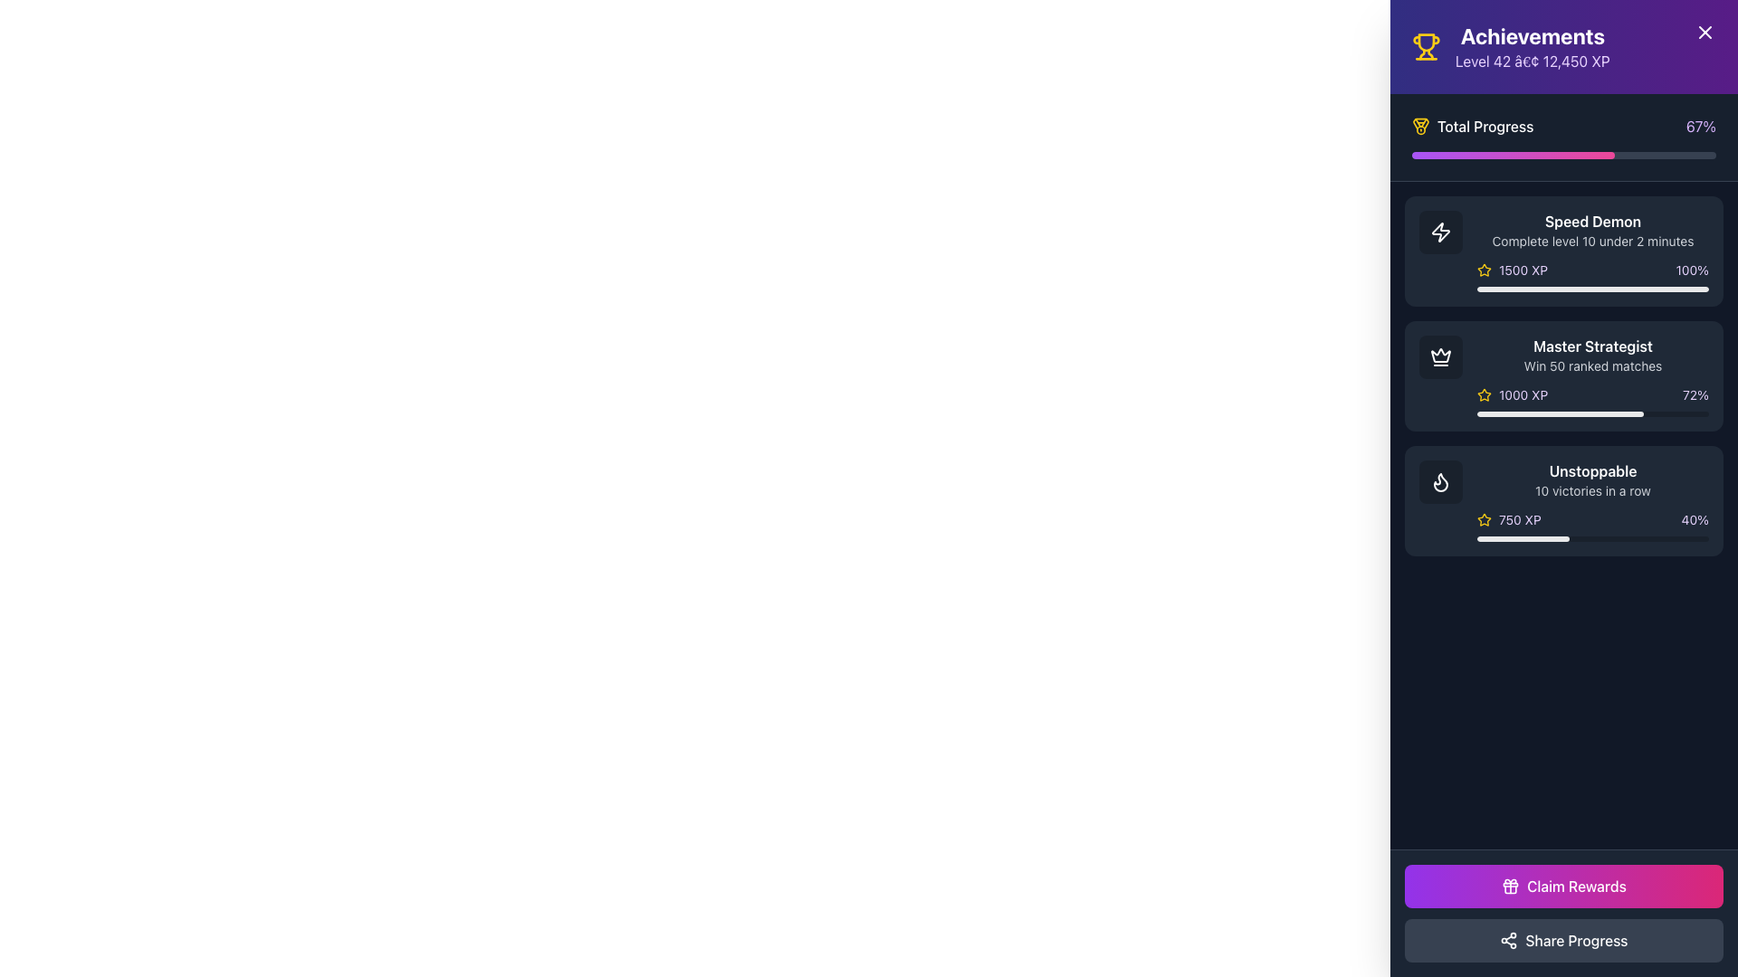 The width and height of the screenshot is (1738, 977). I want to click on Progress Bar element representing the user's progress towards the 'Master Strategist' achievement, located in the Achievements panel, by checking its properties, so click(1560, 414).